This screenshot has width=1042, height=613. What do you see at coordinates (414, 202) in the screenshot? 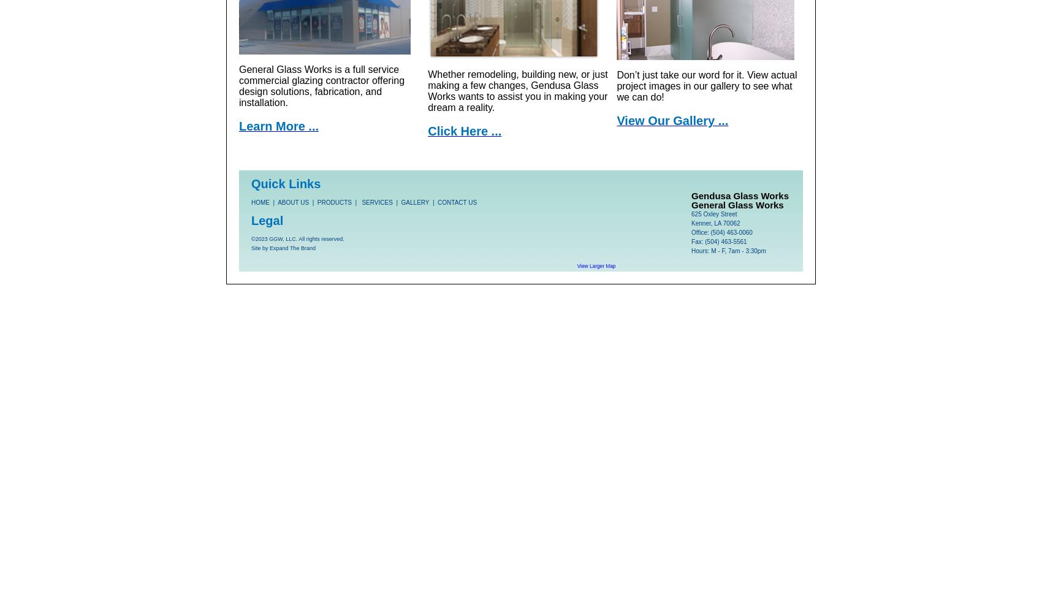
I see `'GALLERY'` at bounding box center [414, 202].